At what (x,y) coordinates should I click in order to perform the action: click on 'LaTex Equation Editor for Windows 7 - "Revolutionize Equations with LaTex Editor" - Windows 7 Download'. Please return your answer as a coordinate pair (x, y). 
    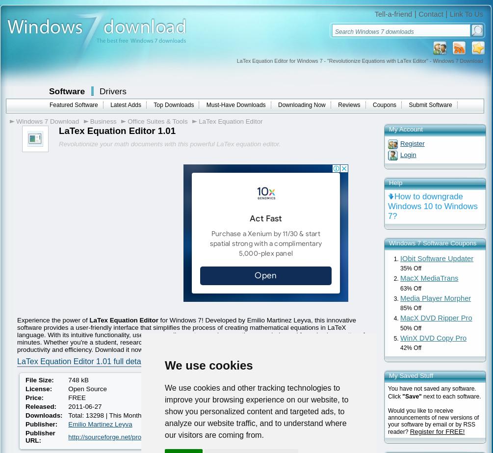
    Looking at the image, I should click on (360, 60).